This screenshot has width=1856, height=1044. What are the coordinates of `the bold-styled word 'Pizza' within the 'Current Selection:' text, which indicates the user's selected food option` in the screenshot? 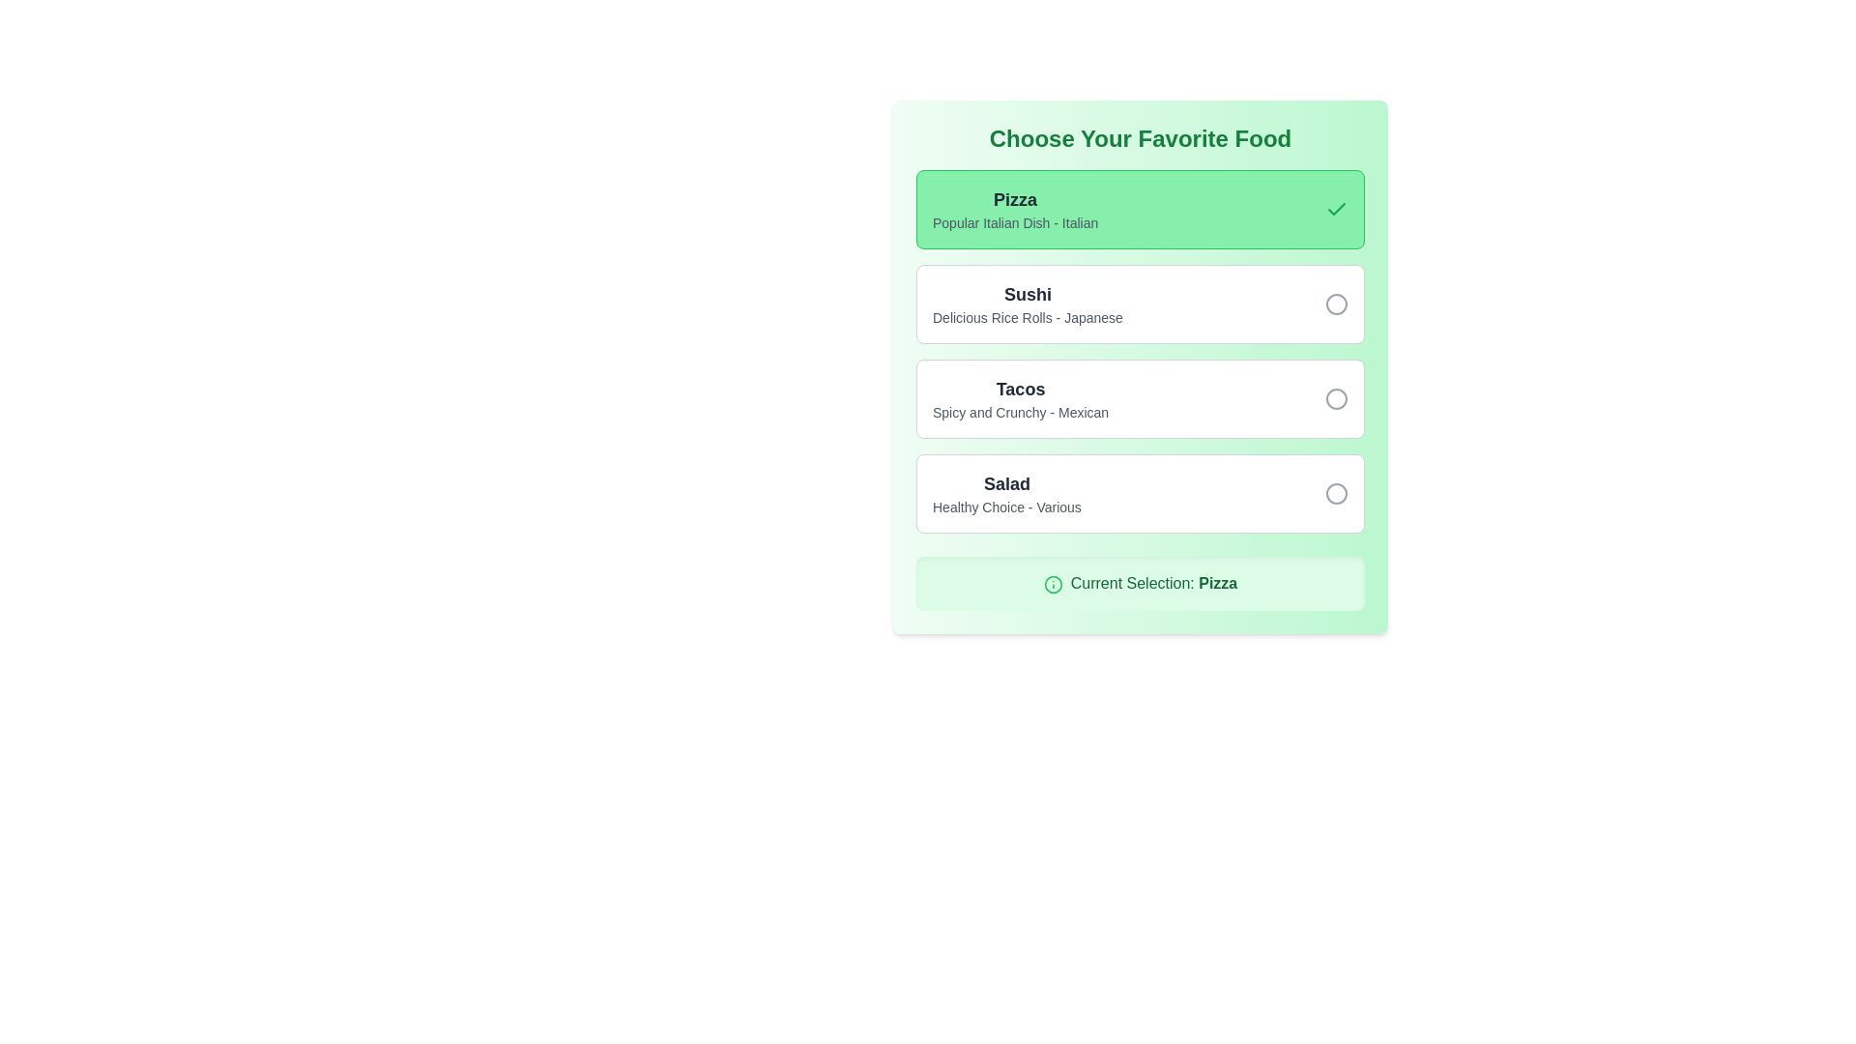 It's located at (1217, 582).